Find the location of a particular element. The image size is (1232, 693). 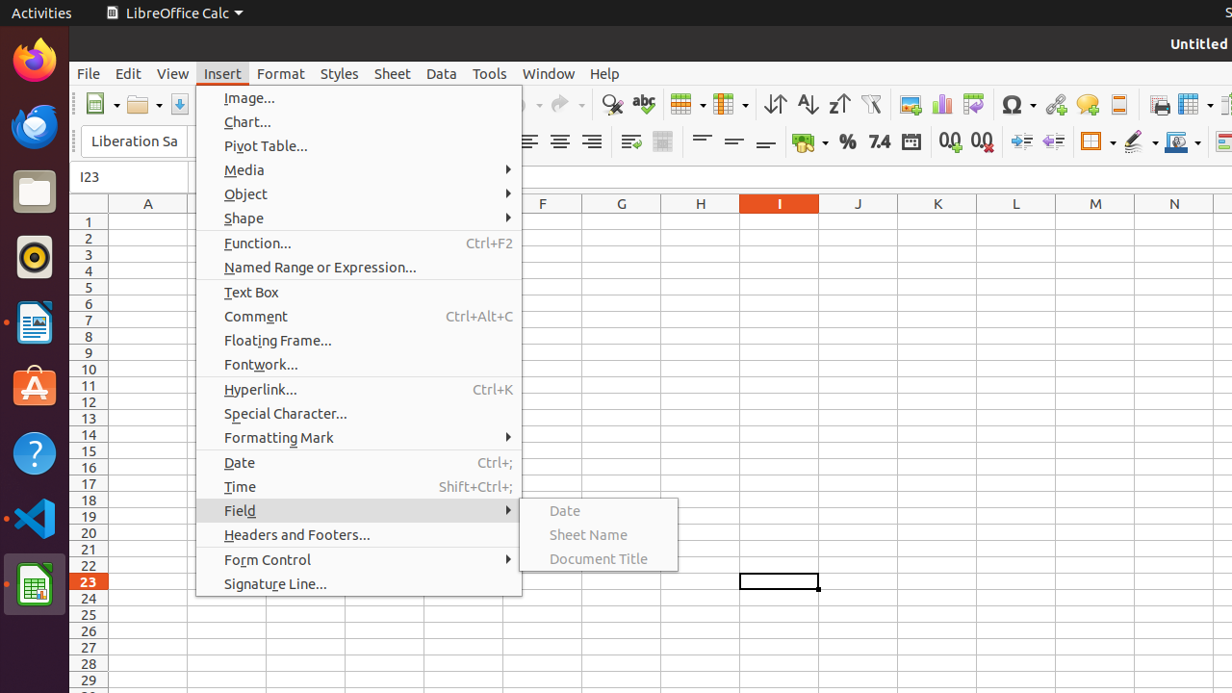

'Data' is located at coordinates (441, 72).